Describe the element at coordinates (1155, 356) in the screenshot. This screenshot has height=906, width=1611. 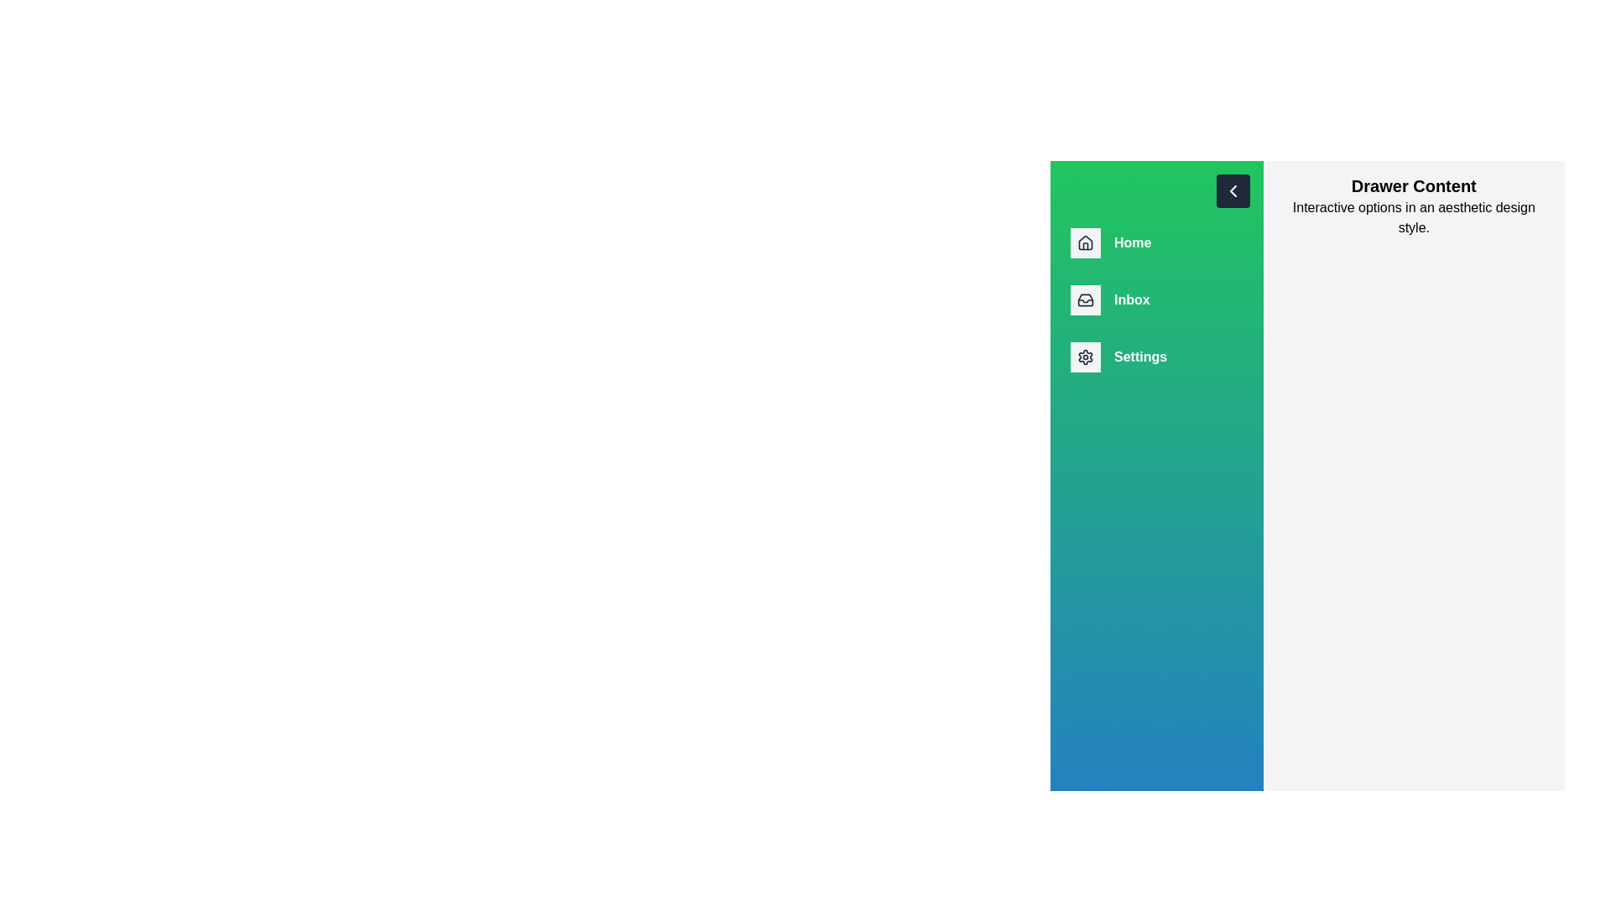
I see `the navigation item Settings from the drawer` at that location.